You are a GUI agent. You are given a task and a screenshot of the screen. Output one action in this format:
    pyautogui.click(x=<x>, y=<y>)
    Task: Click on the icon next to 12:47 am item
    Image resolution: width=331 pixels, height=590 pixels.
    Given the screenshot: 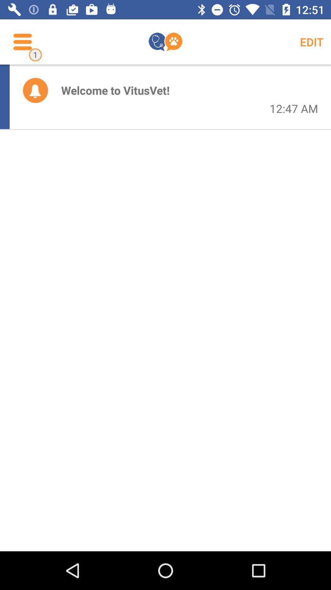 What is the action you would take?
    pyautogui.click(x=115, y=90)
    